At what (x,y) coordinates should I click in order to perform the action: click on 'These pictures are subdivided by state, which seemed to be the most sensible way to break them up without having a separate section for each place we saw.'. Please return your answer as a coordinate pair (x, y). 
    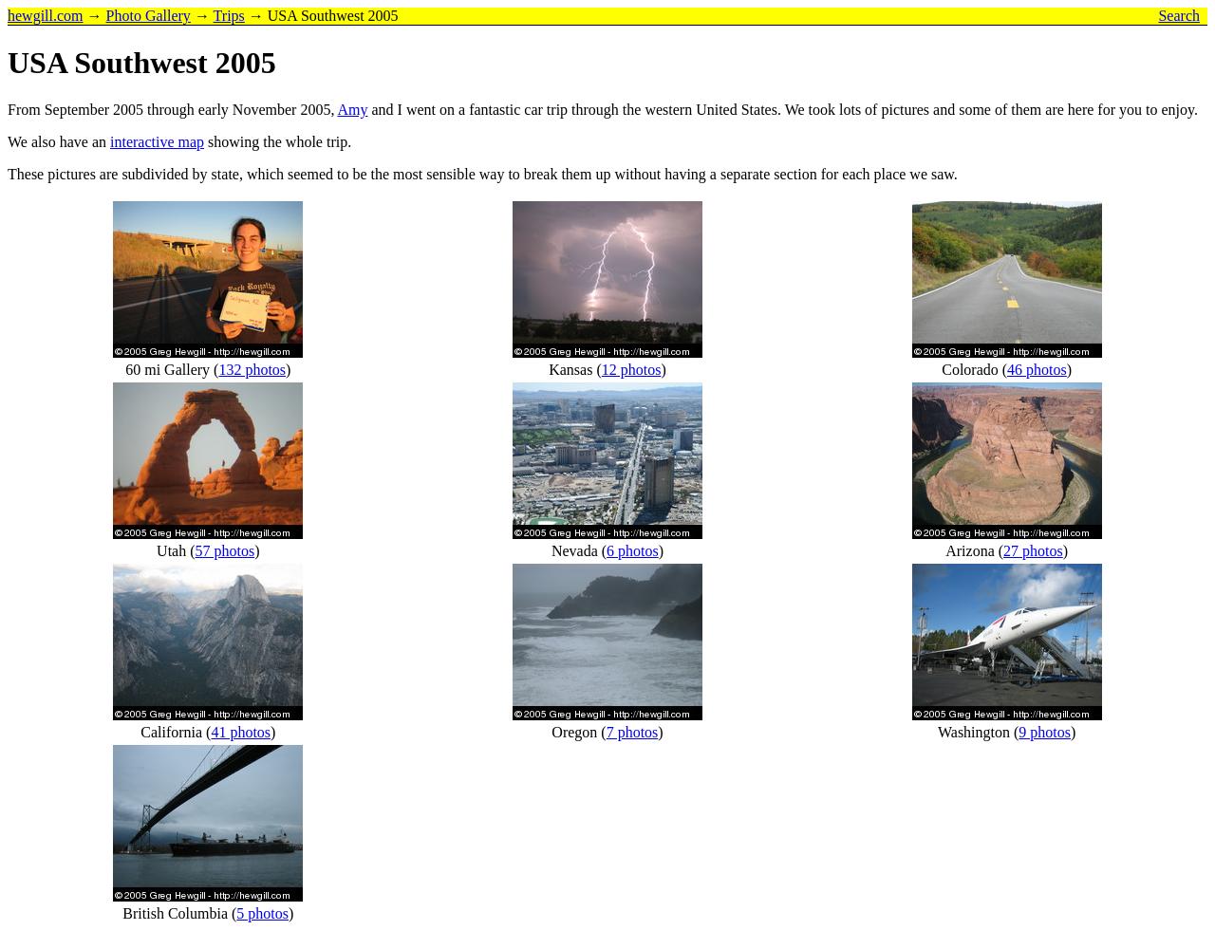
    Looking at the image, I should click on (482, 173).